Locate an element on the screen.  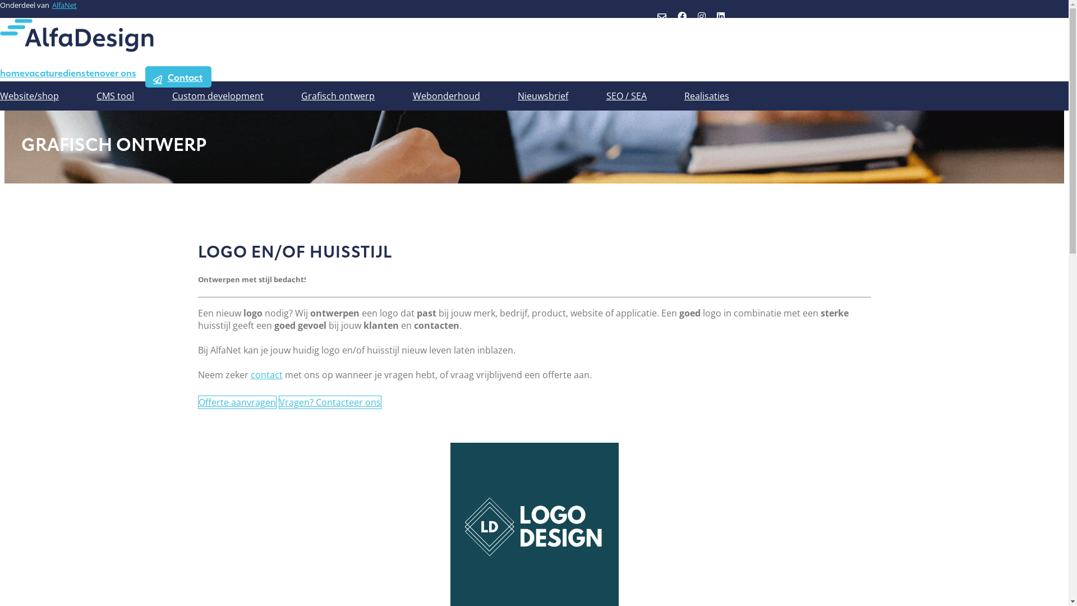
'AlfaNet' is located at coordinates (64, 4).